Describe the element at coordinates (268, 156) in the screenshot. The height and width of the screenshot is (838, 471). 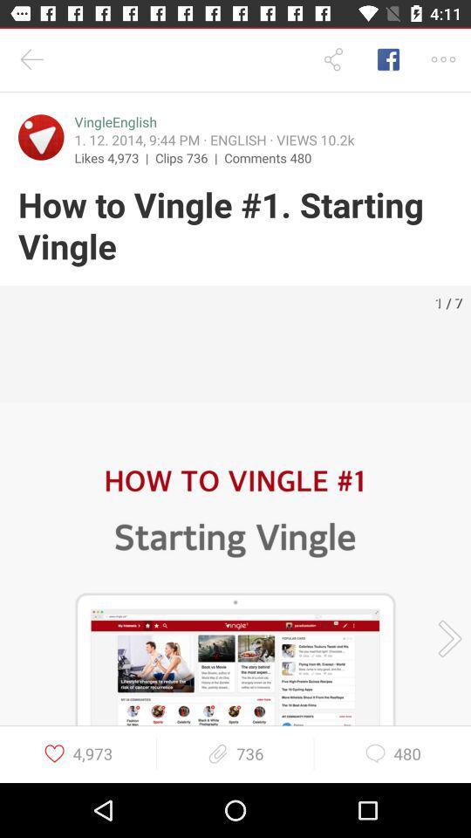
I see `item next to the clips 736  |   icon` at that location.